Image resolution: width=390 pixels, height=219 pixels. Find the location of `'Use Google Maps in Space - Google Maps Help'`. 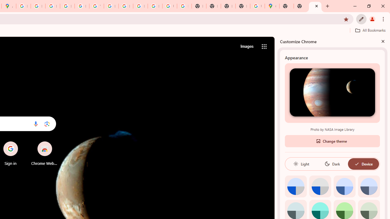

'Use Google Maps in Space - Google Maps Help' is located at coordinates (257, 6).